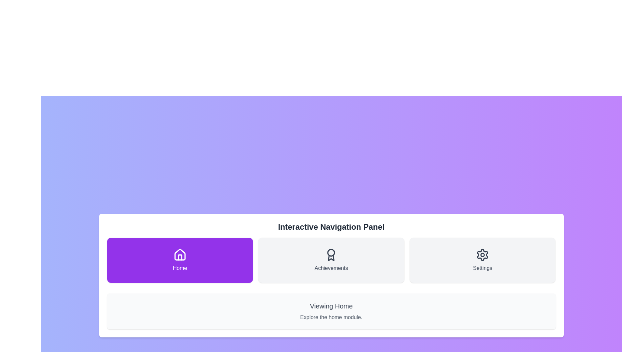 This screenshot has height=359, width=639. What do you see at coordinates (331, 317) in the screenshot?
I see `the Text Label that provides descriptive information about the 'Home' module, located directly beneath the 'Viewing Home' text` at bounding box center [331, 317].